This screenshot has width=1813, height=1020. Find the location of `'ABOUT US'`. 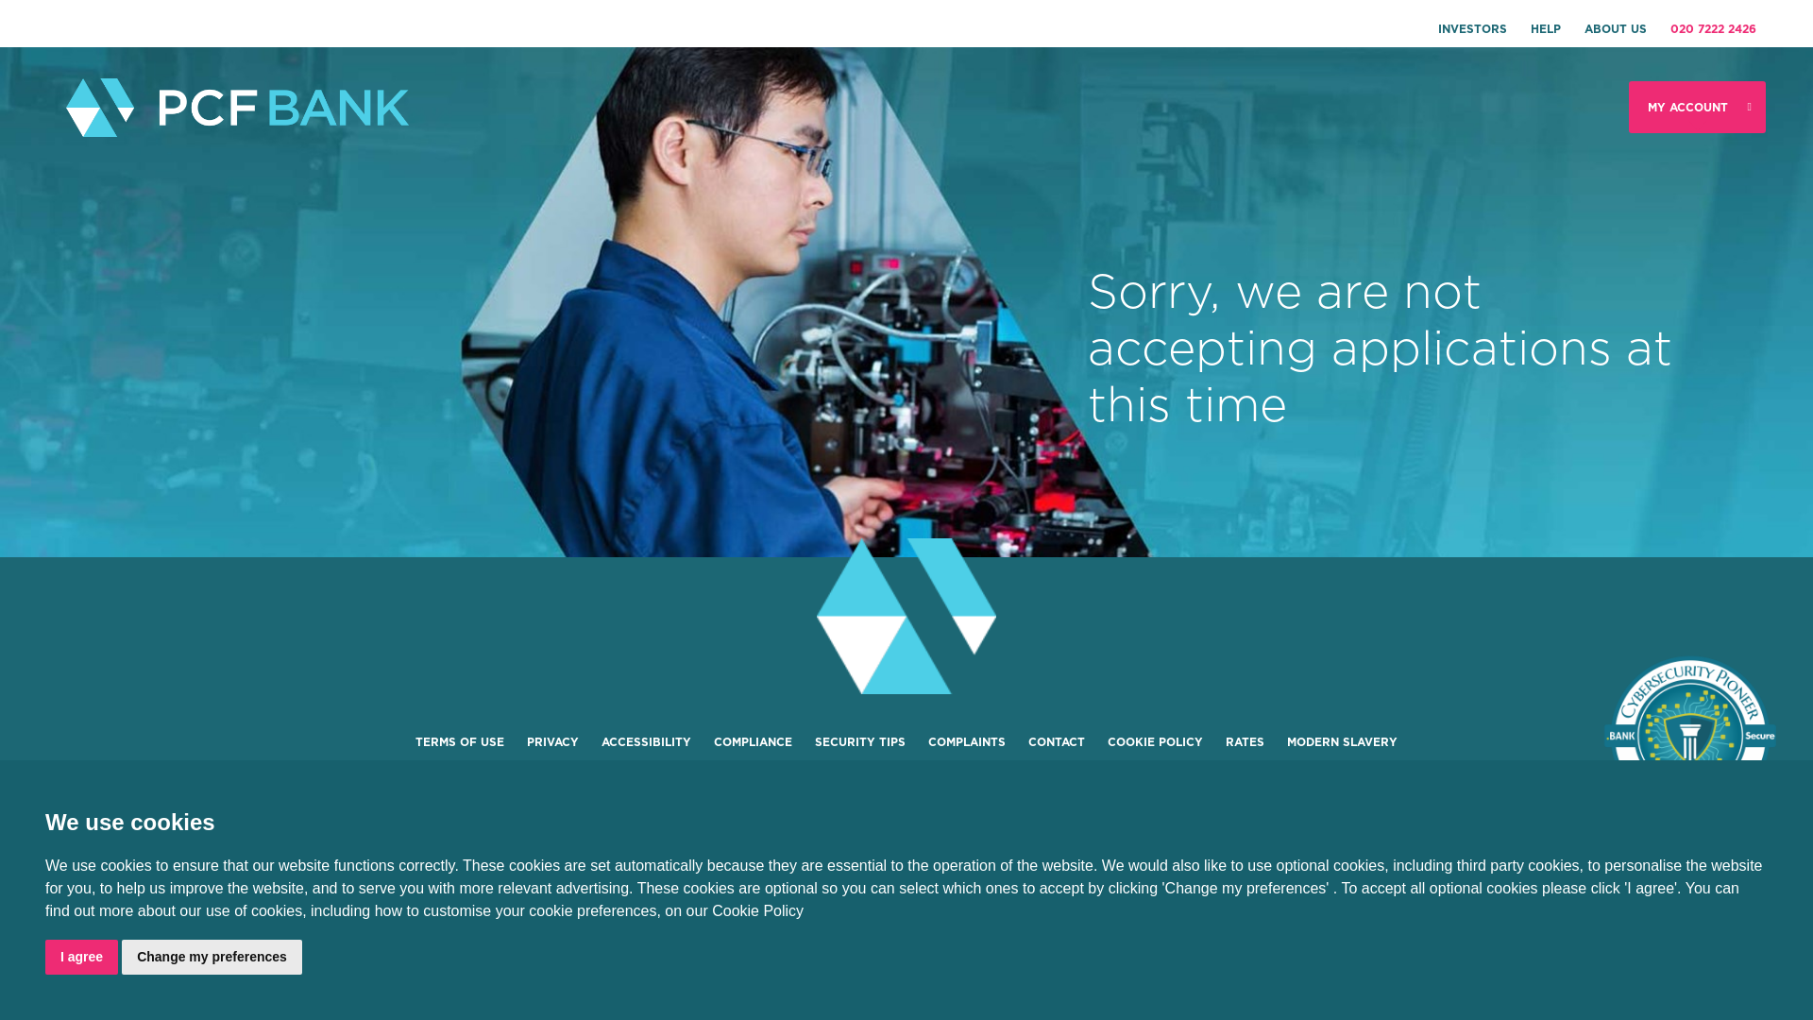

'ABOUT US' is located at coordinates (1614, 29).